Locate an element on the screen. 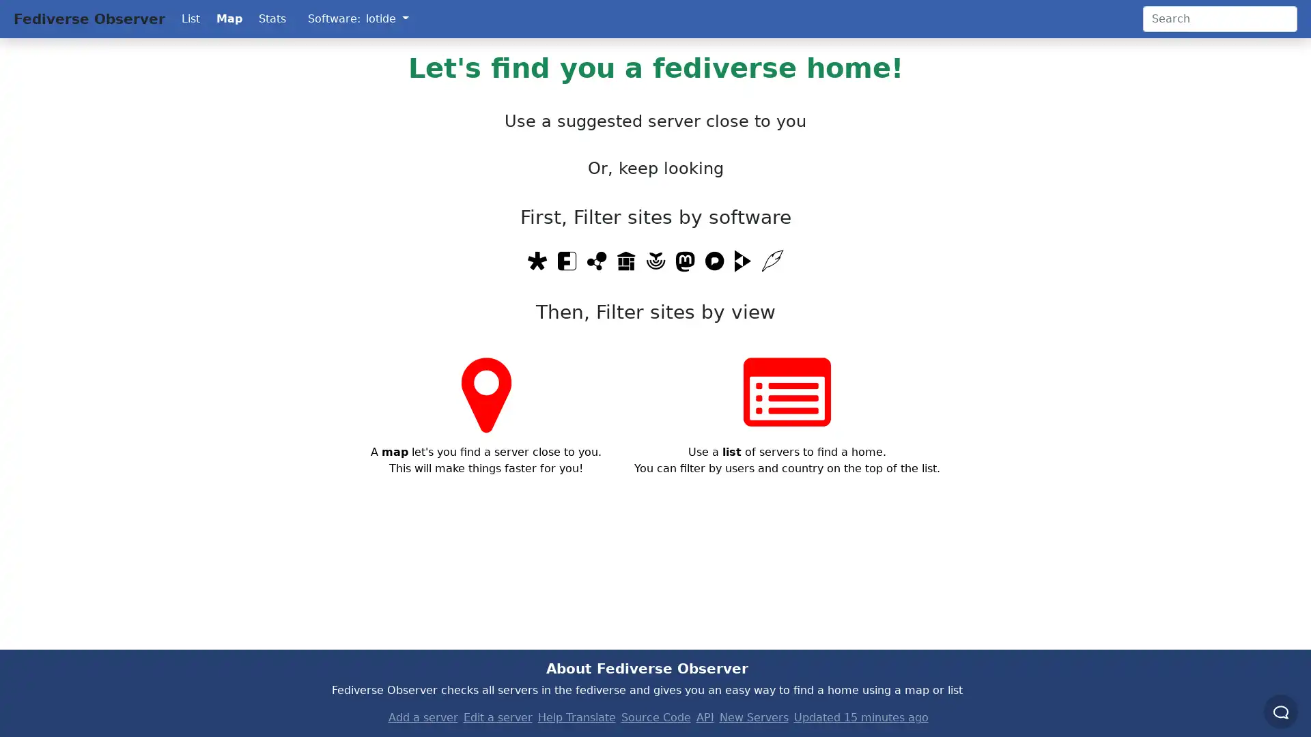 This screenshot has height=737, width=1311. lotide is located at coordinates (386, 18).